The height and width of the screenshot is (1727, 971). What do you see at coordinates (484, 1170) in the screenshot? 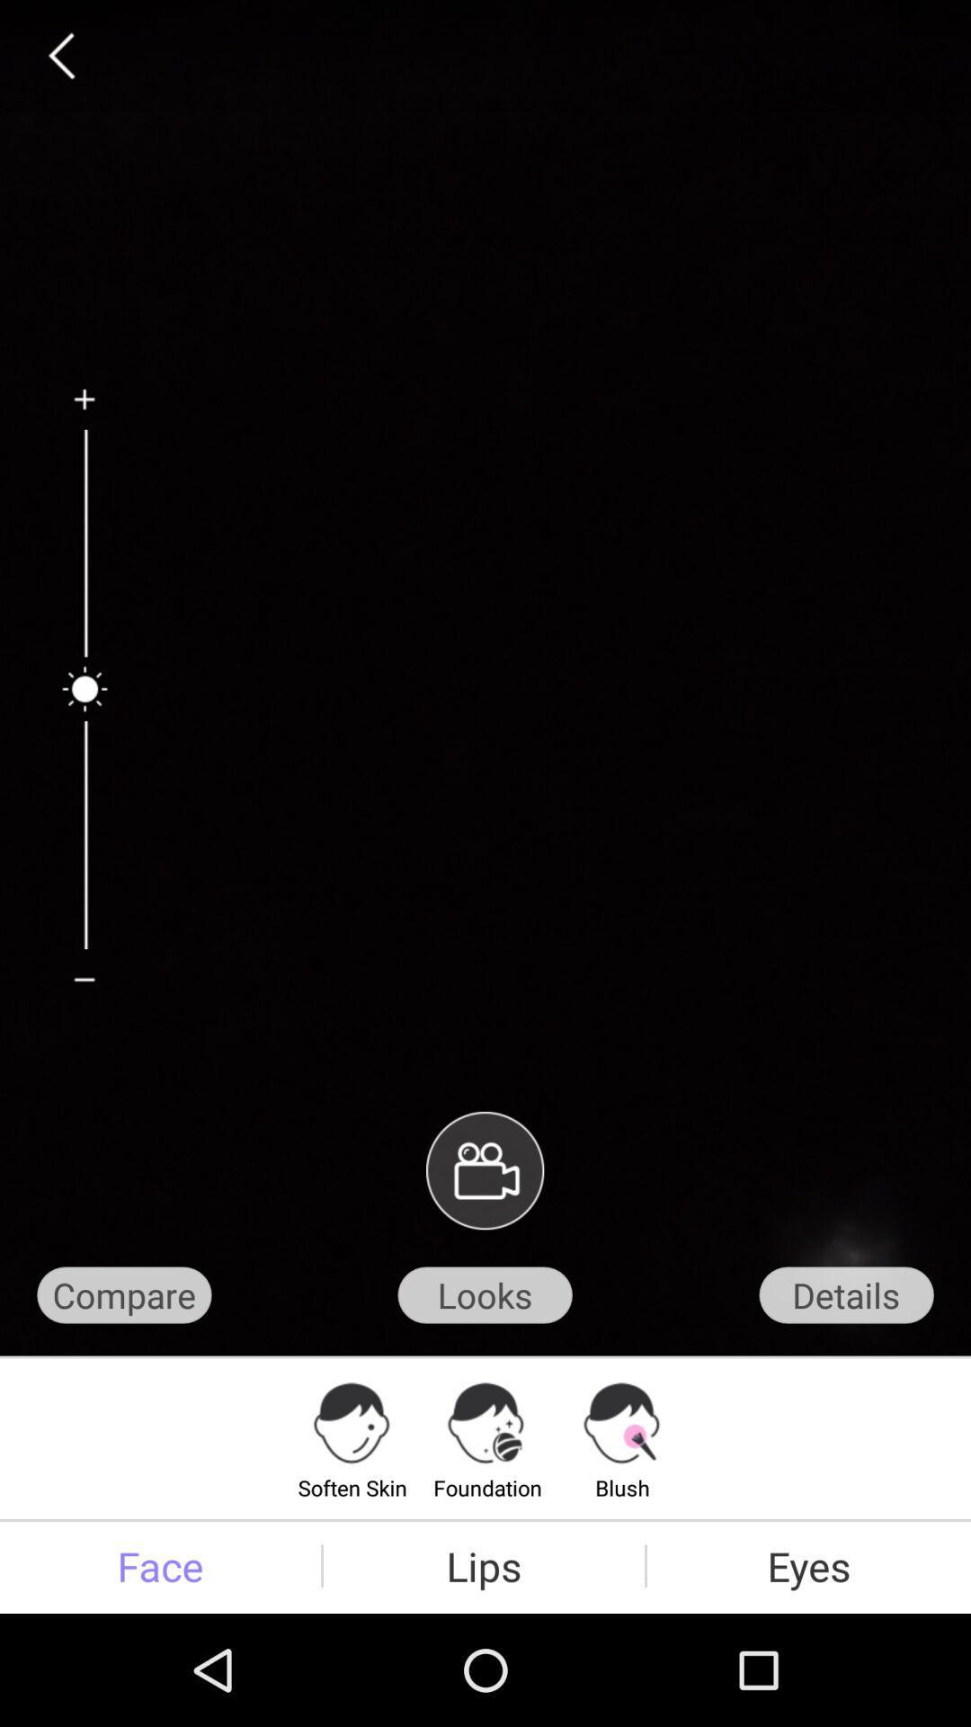
I see `the icon above looks` at bounding box center [484, 1170].